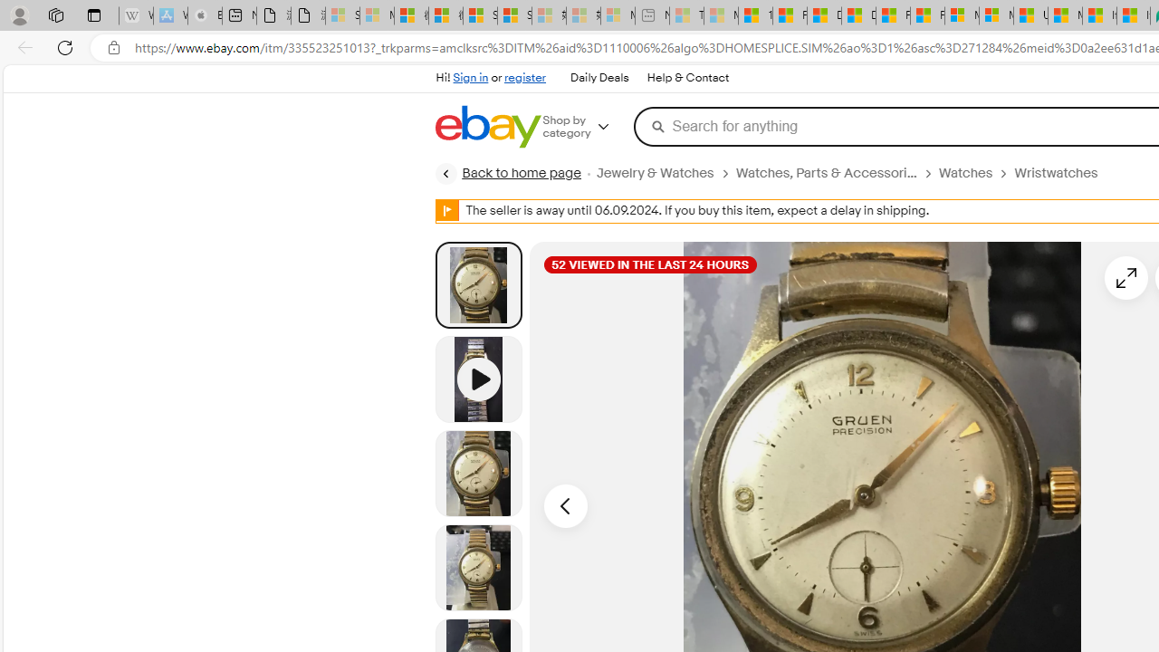 This screenshot has width=1159, height=652. Describe the element at coordinates (1056, 173) in the screenshot. I see `'Wristwatches'` at that location.